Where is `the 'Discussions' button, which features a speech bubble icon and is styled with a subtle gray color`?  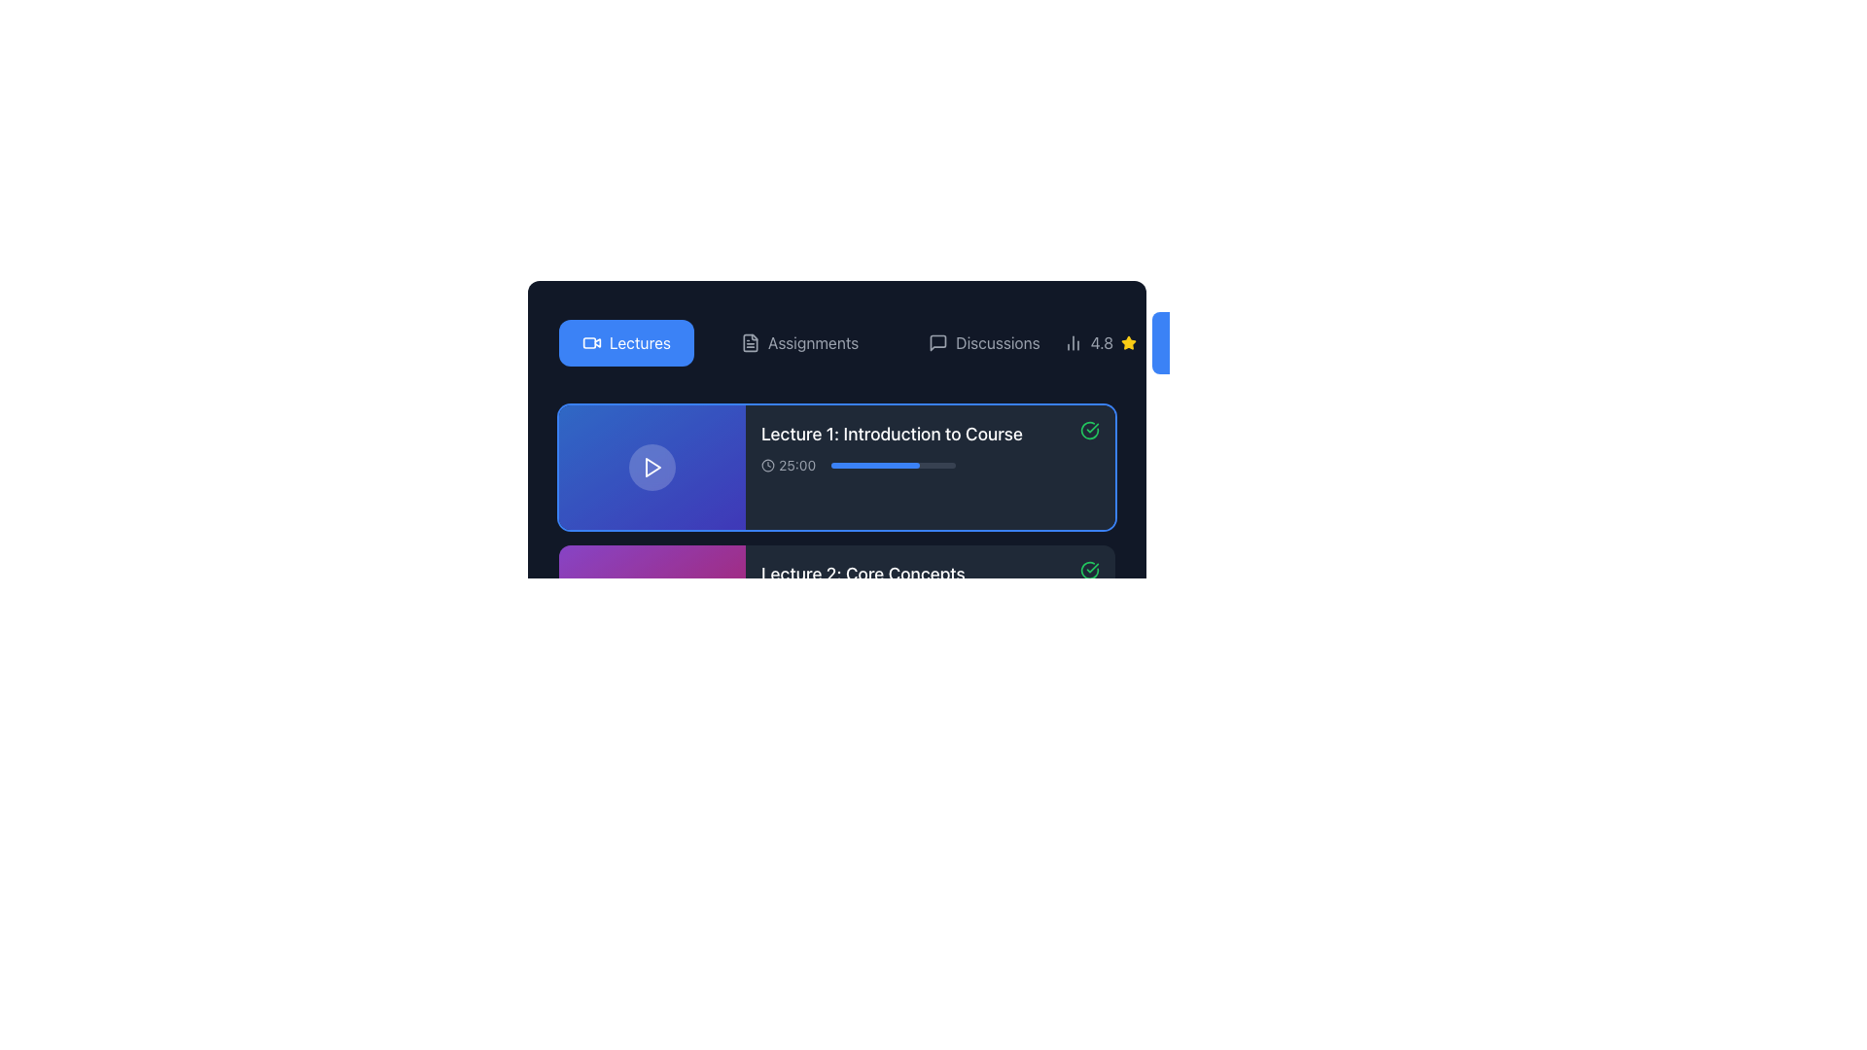
the 'Discussions' button, which features a speech bubble icon and is styled with a subtle gray color is located at coordinates (984, 342).